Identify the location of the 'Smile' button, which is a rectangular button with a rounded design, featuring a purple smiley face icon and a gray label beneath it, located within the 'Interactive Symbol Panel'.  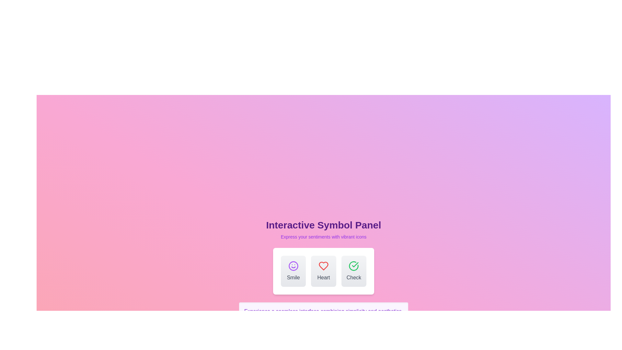
(293, 271).